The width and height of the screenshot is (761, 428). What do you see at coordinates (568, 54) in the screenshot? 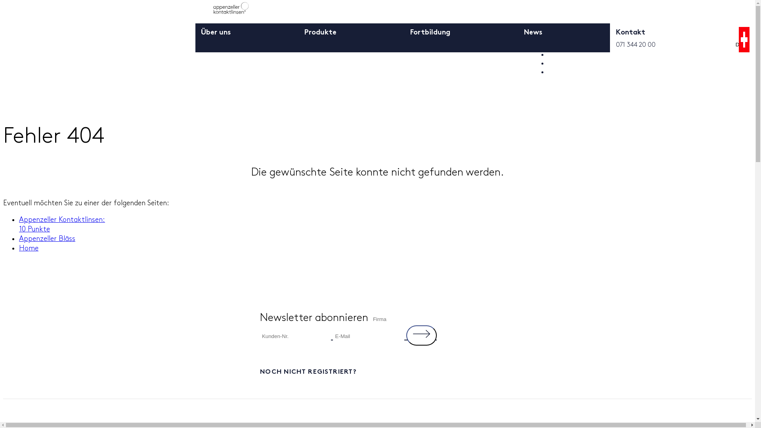
I see `'BESTELLEN'` at bounding box center [568, 54].